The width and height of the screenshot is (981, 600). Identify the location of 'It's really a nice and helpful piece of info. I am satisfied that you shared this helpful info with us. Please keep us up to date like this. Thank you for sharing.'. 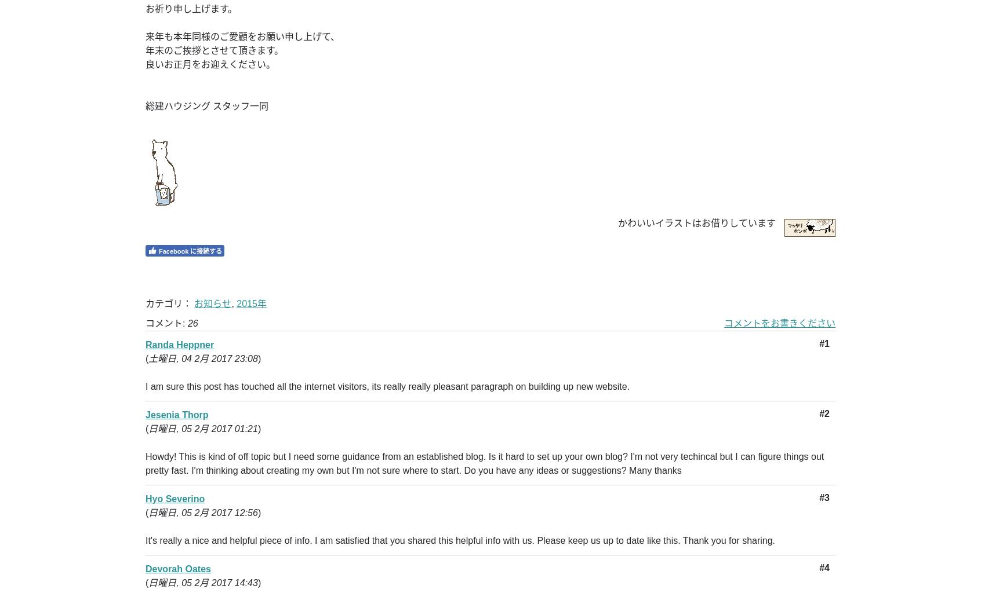
(460, 540).